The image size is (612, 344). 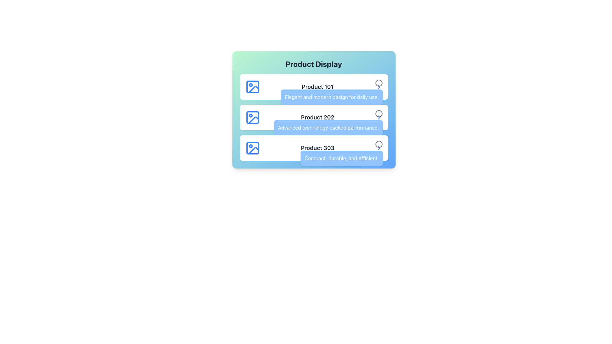 What do you see at coordinates (252, 87) in the screenshot?
I see `the photo icon with a blue outline and rounded corners that suggests a mountain, located at the top of the list of product cards` at bounding box center [252, 87].